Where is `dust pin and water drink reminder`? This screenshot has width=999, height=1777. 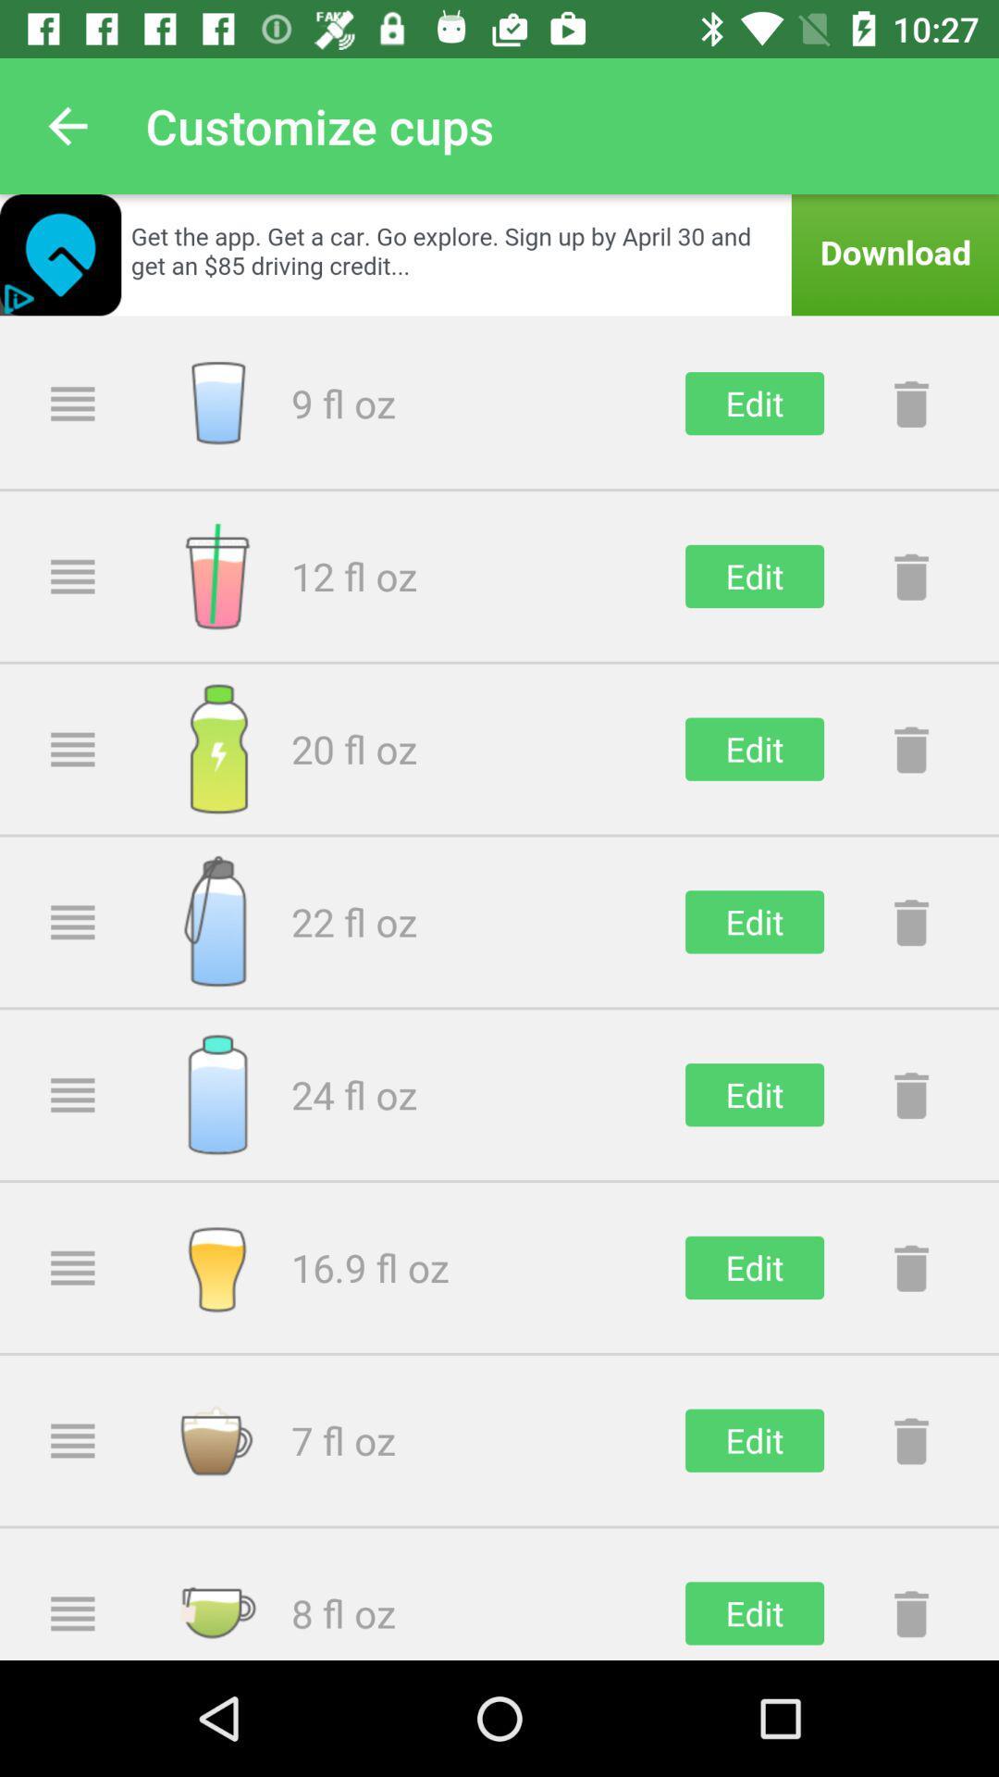 dust pin and water drink reminder is located at coordinates (910, 1439).